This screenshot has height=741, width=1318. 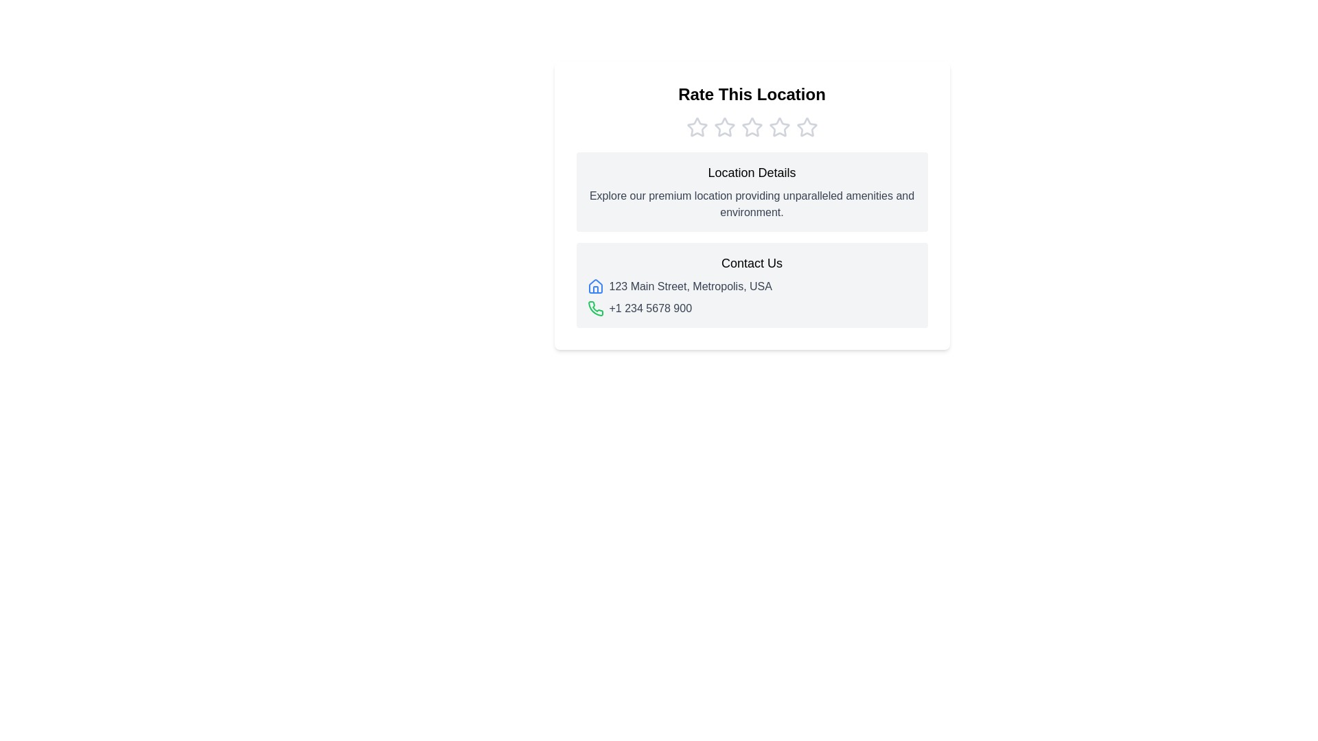 I want to click on title 'Location Details' and the descriptive paragraph in the Information display panel, which has a light gray background and is located below the stars and above the 'Contact Us' section, so click(x=751, y=192).